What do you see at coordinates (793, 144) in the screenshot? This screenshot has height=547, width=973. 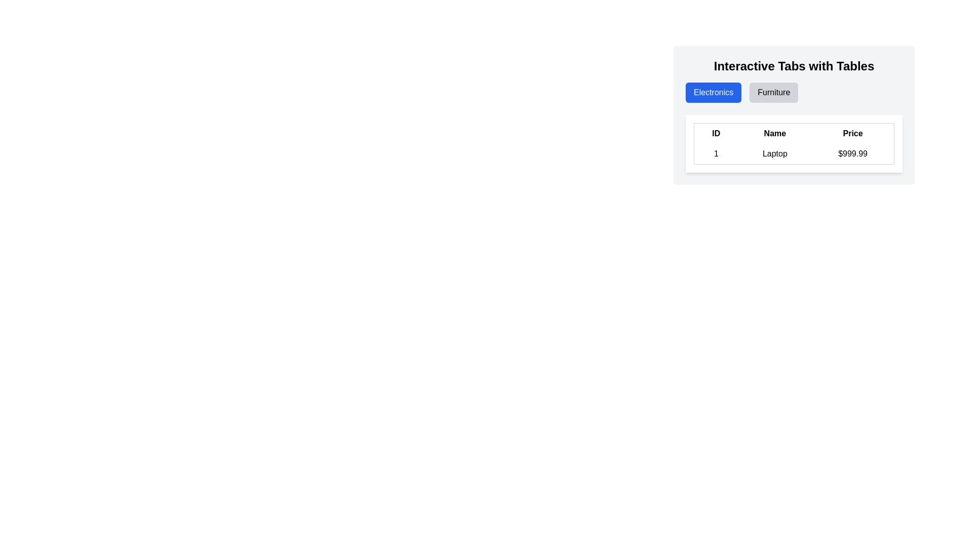 I see `the data display table that presents item information, specifically showing the Laptop with its ID and price, located under the 'Interactive Tabs with Tables' section` at bounding box center [793, 144].